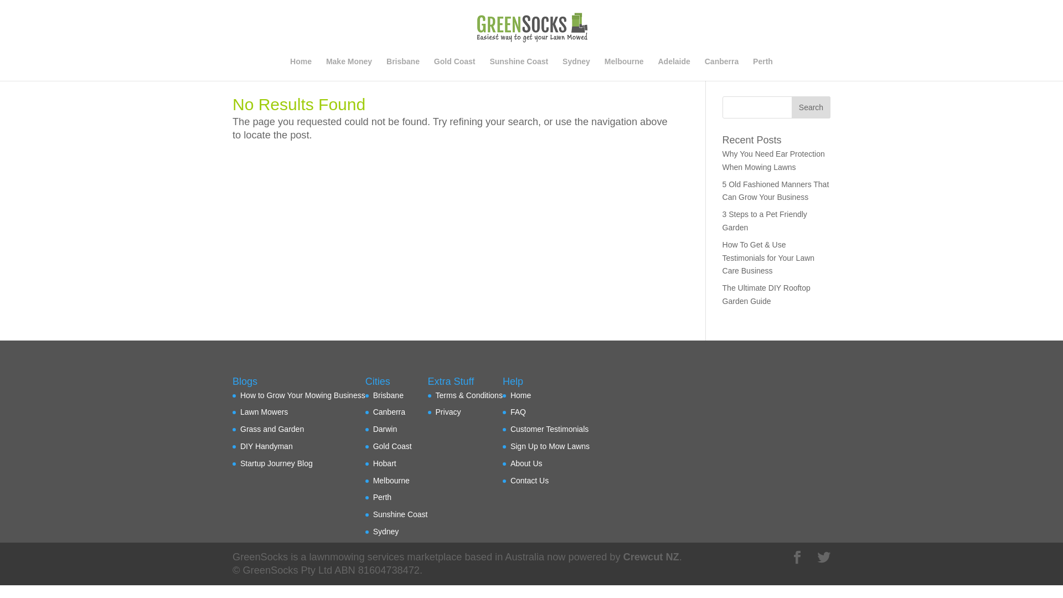 Image resolution: width=1063 pixels, height=598 pixels. I want to click on 'FAQ', so click(518, 412).